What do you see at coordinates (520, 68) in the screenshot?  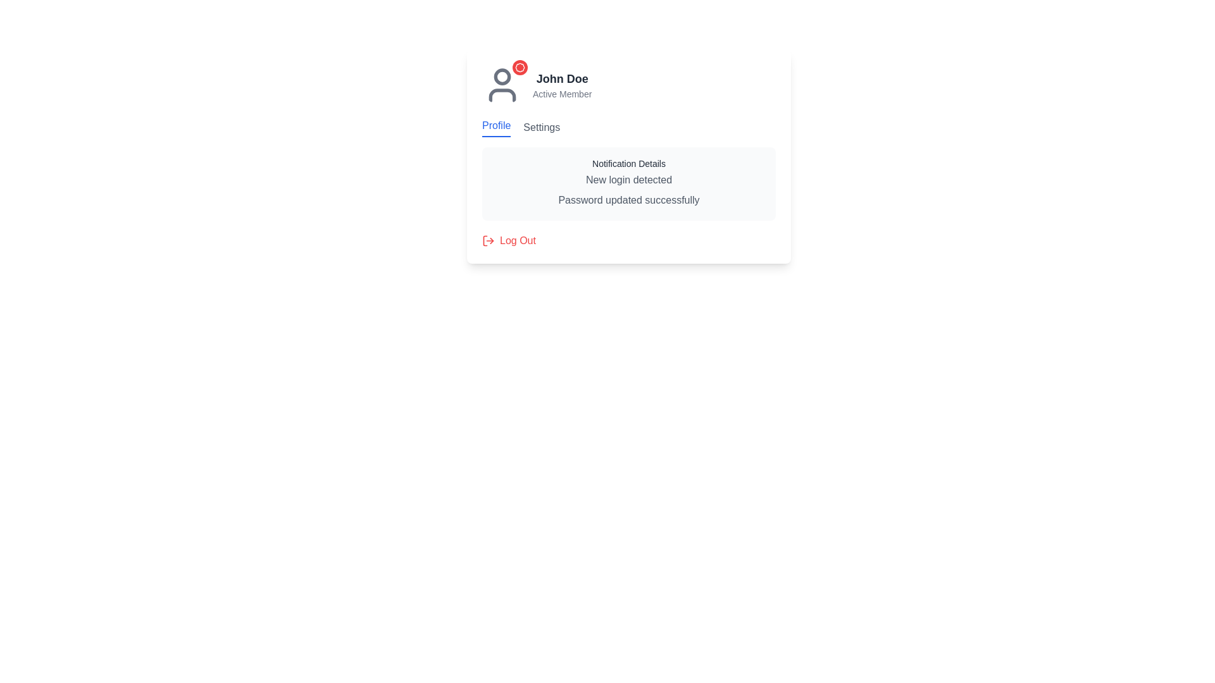 I see `the decorative icon within the circular red badge located near the top-right corner of the user profile avatar in the upper-left quadrant of the card interface` at bounding box center [520, 68].